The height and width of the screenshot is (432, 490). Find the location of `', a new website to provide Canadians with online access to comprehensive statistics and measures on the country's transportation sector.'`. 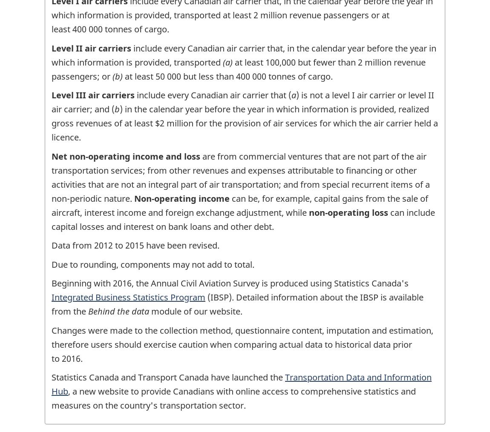

', a new website to provide Canadians with online access to comprehensive statistics and measures on the country's transportation sector.' is located at coordinates (51, 398).